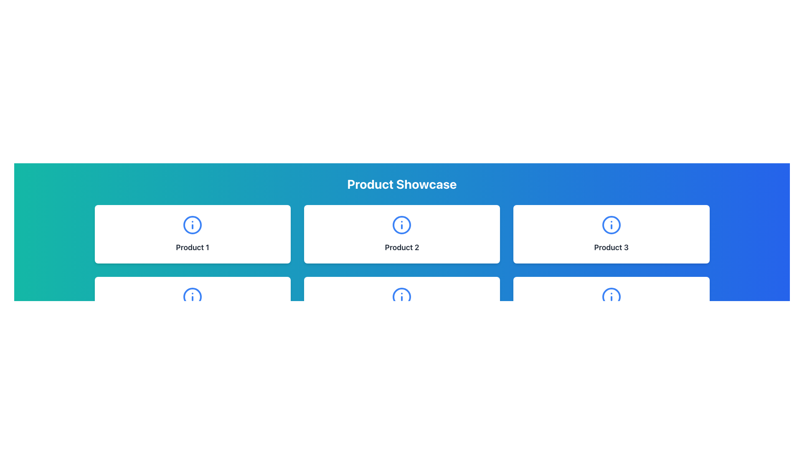 The height and width of the screenshot is (451, 802). I want to click on the text label indicating the name of the product in the first card of a 3-column grid layout, located directly underneath a circular icon, so click(192, 247).